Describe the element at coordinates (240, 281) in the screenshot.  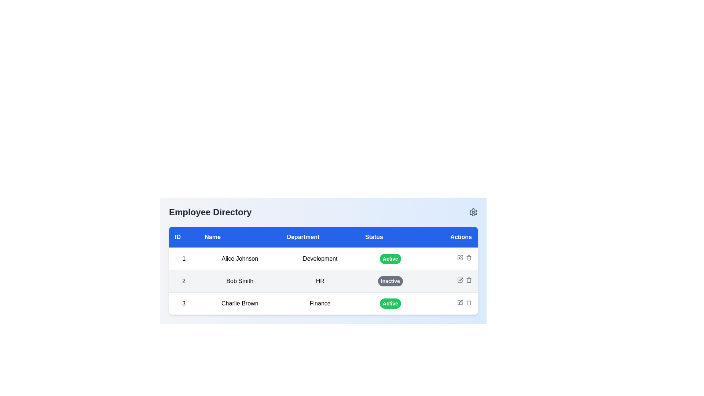
I see `the Text label representing a person's name in the second row of the table under the 'Name' column, located between the ID '2' and the department 'HR.'` at that location.